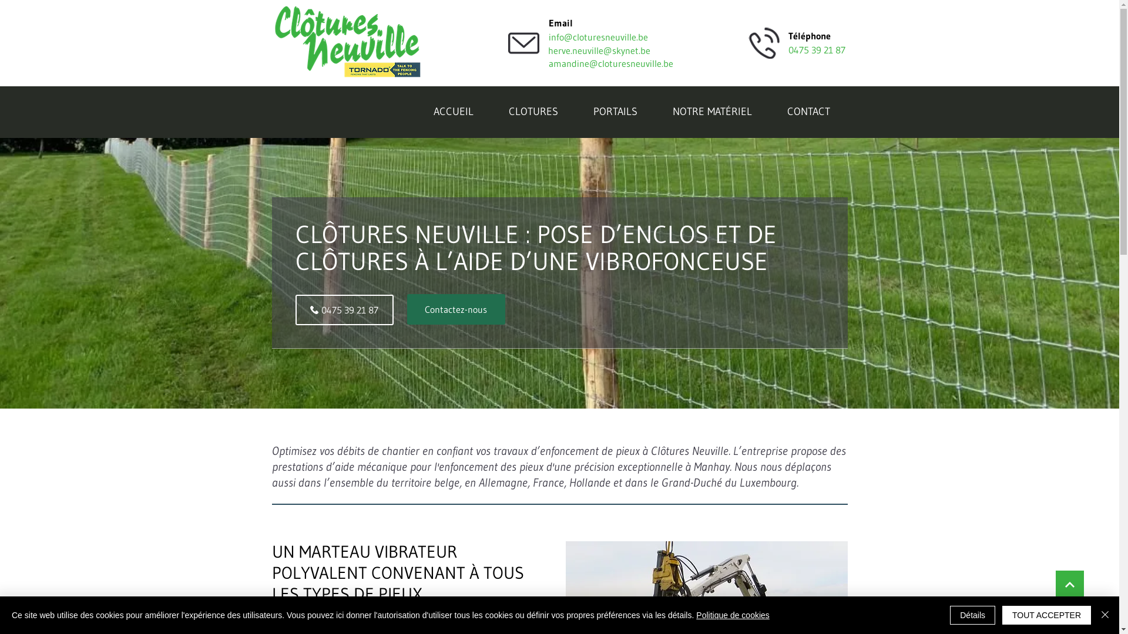 The width and height of the screenshot is (1128, 634). I want to click on 'PORTAILS', so click(575, 113).